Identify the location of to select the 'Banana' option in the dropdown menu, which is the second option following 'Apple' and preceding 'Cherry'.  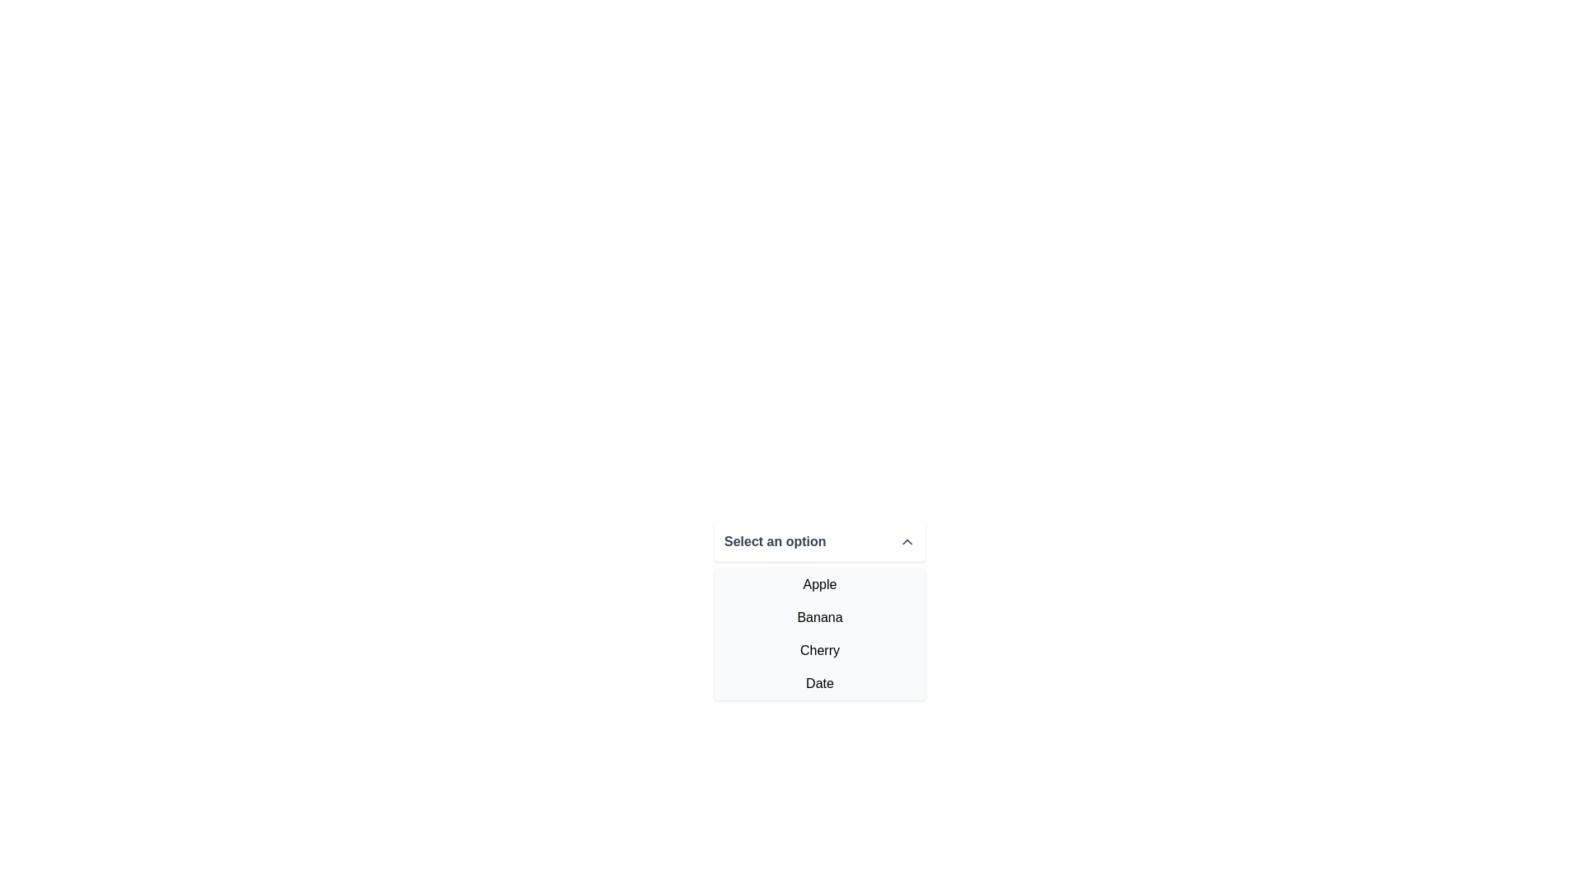
(819, 610).